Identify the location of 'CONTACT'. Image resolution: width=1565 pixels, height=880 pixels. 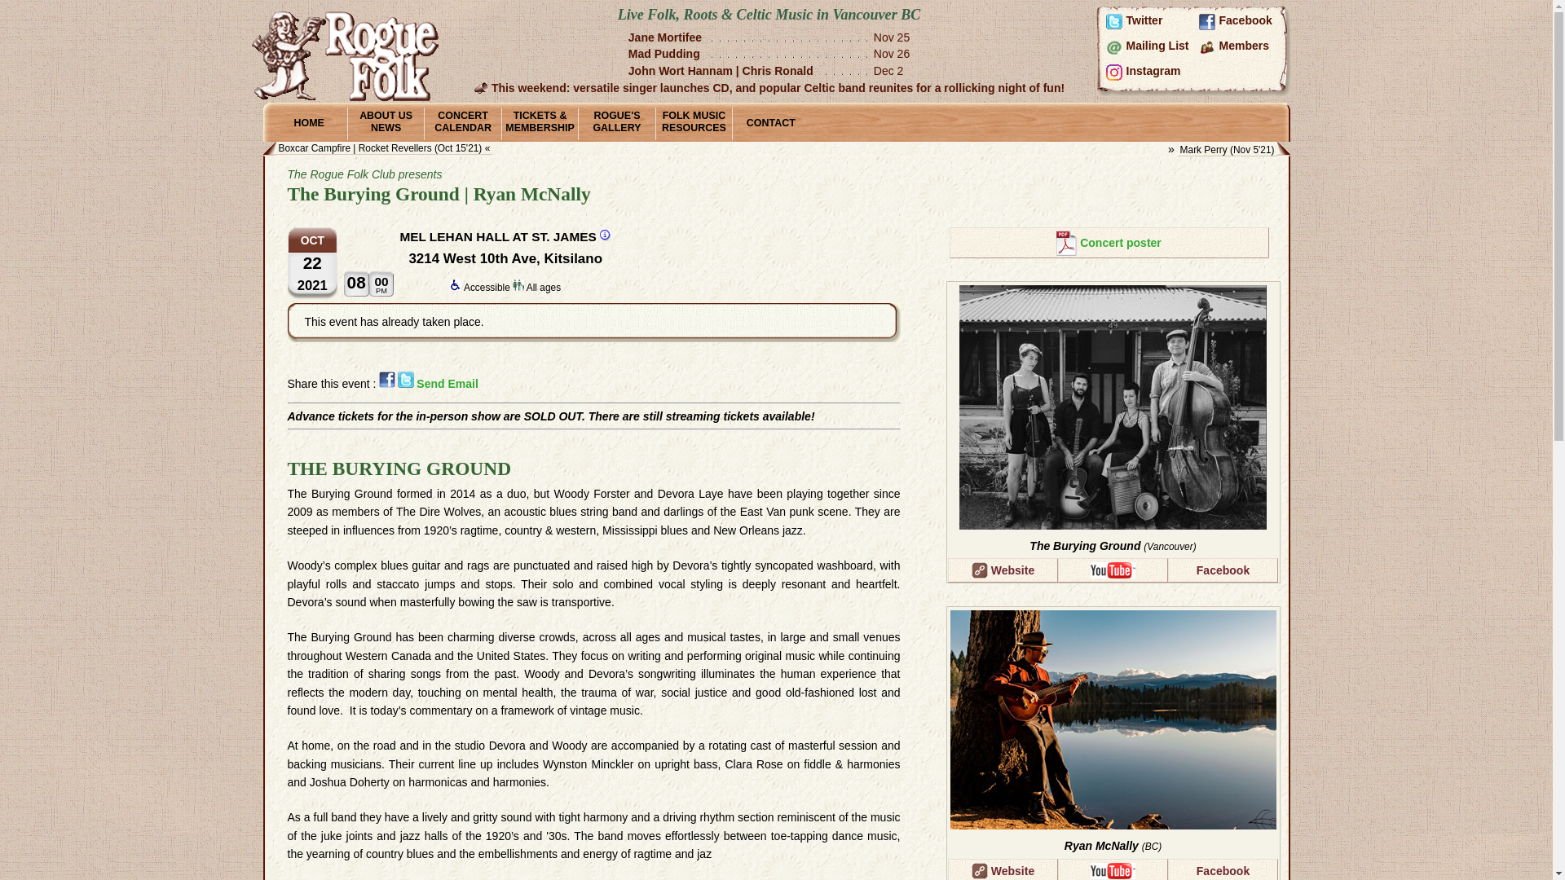
(769, 122).